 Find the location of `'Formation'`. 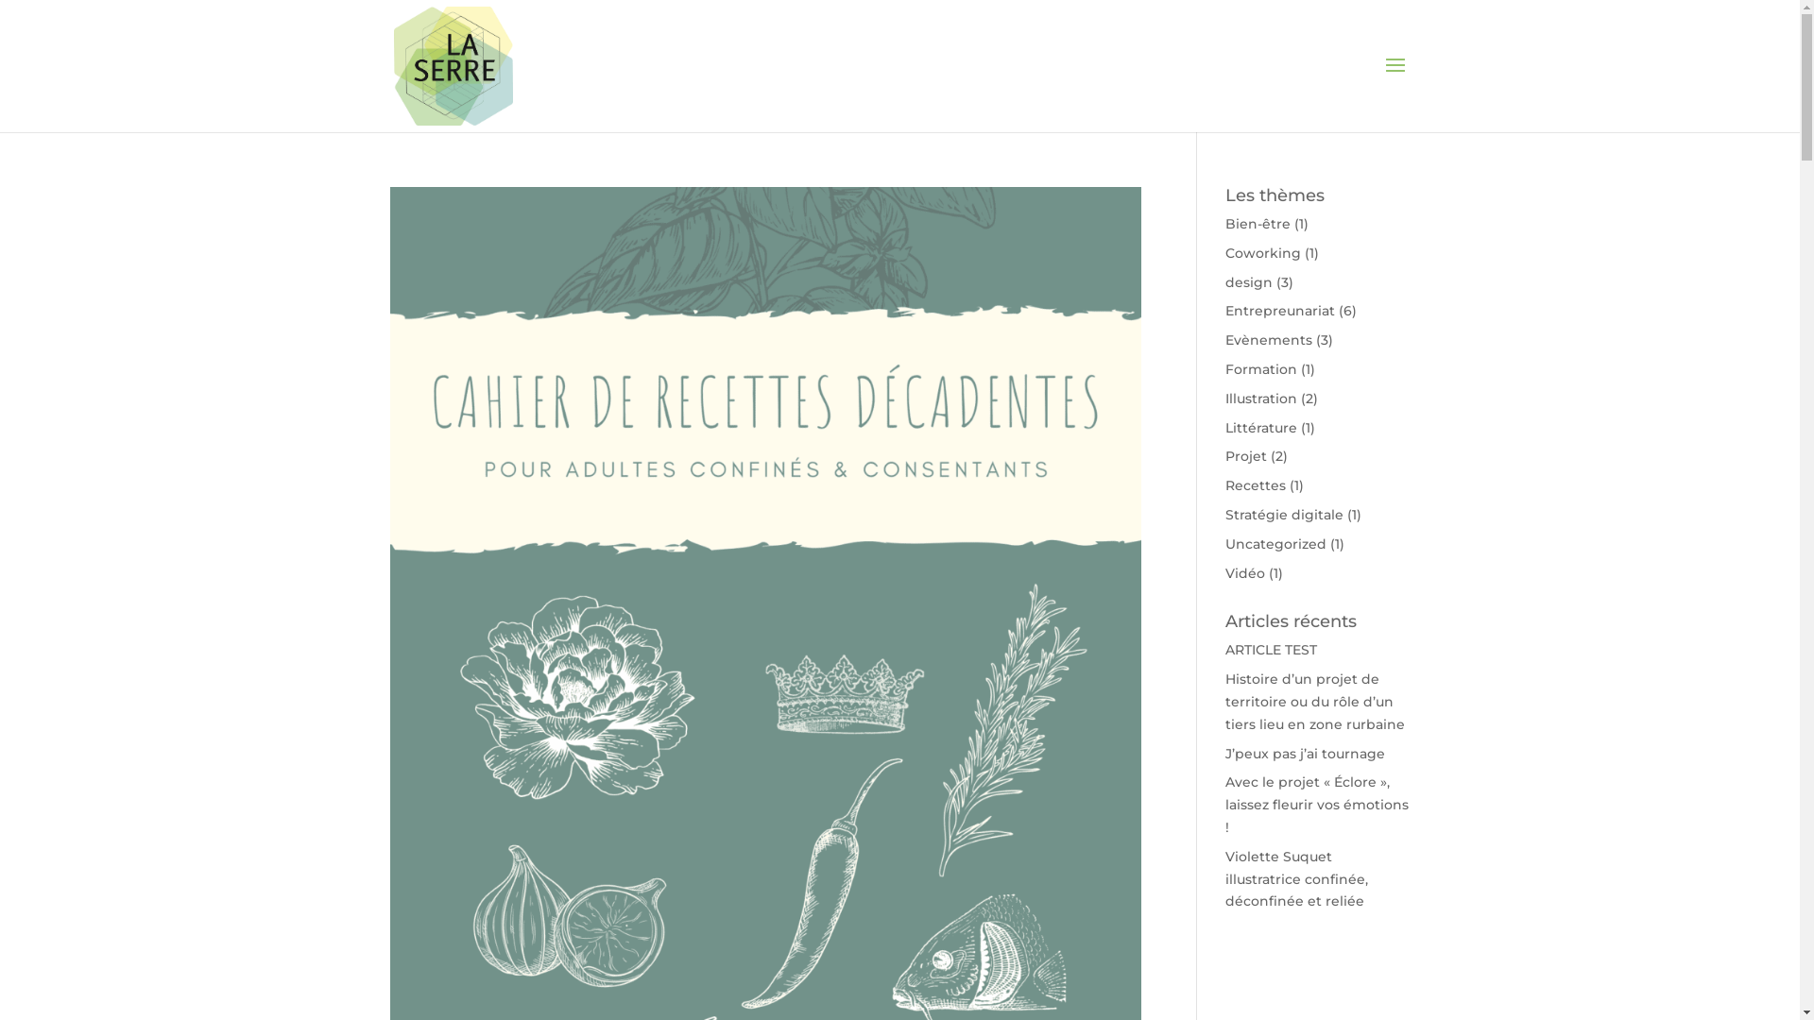

'Formation' is located at coordinates (1260, 368).